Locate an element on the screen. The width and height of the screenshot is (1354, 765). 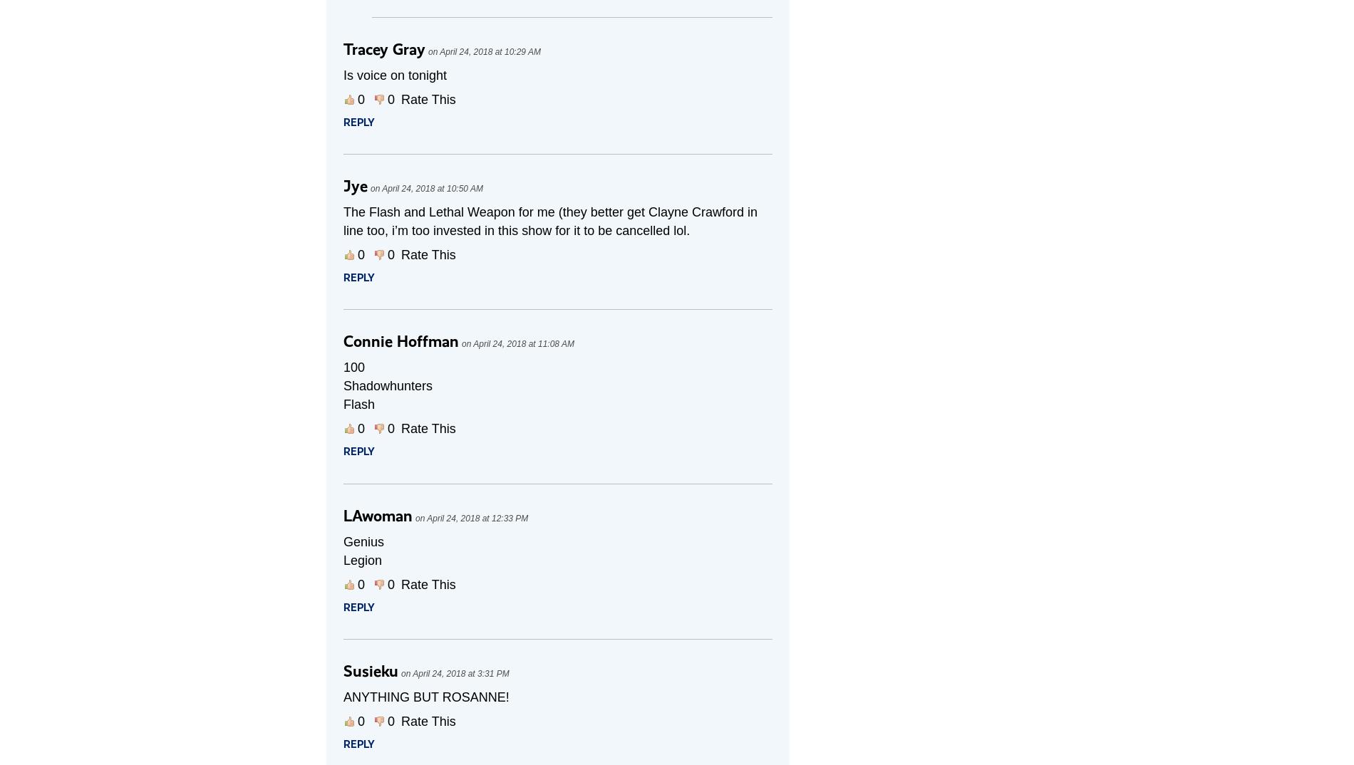
'Flash' is located at coordinates (343, 404).